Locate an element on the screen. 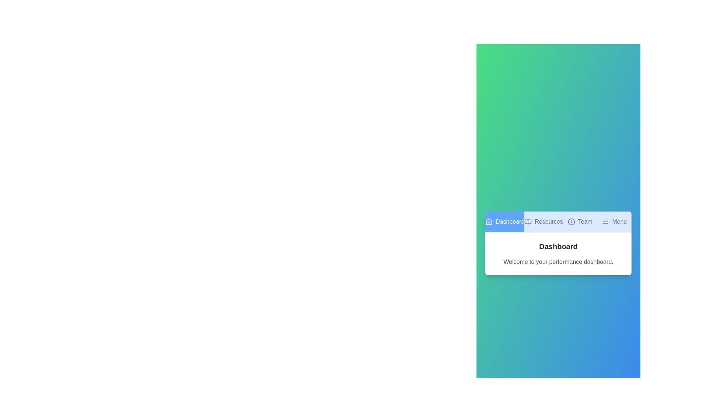 This screenshot has width=707, height=398. the tab labeled Resources to observe its hover effect is located at coordinates (544, 221).